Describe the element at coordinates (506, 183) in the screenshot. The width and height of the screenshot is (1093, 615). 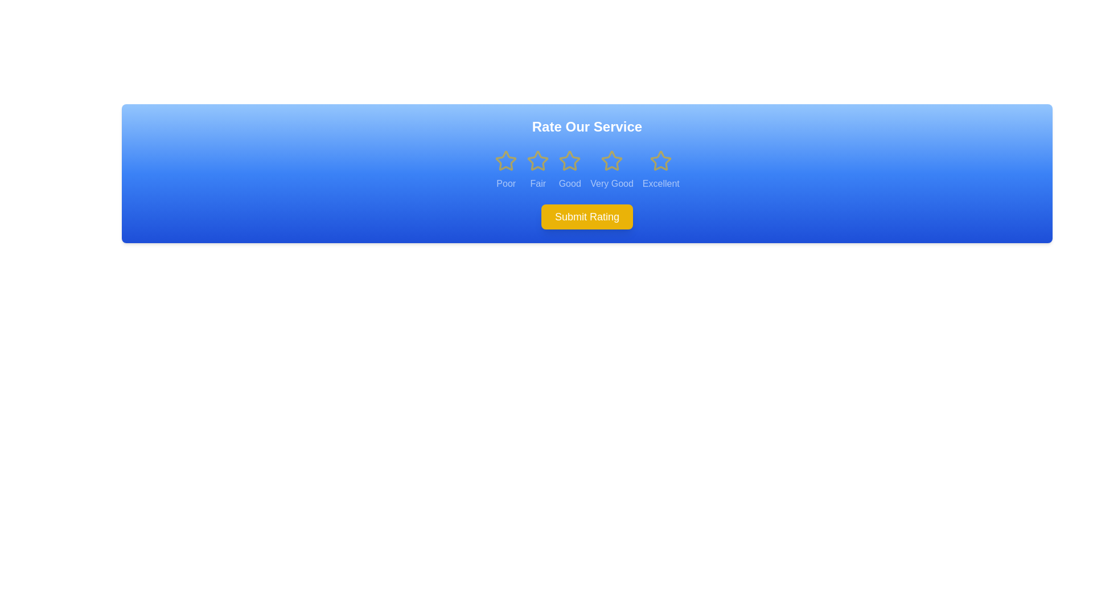
I see `the text label indicating the 'Poor' rating level, which is positioned directly below the first star in the rating section` at that location.